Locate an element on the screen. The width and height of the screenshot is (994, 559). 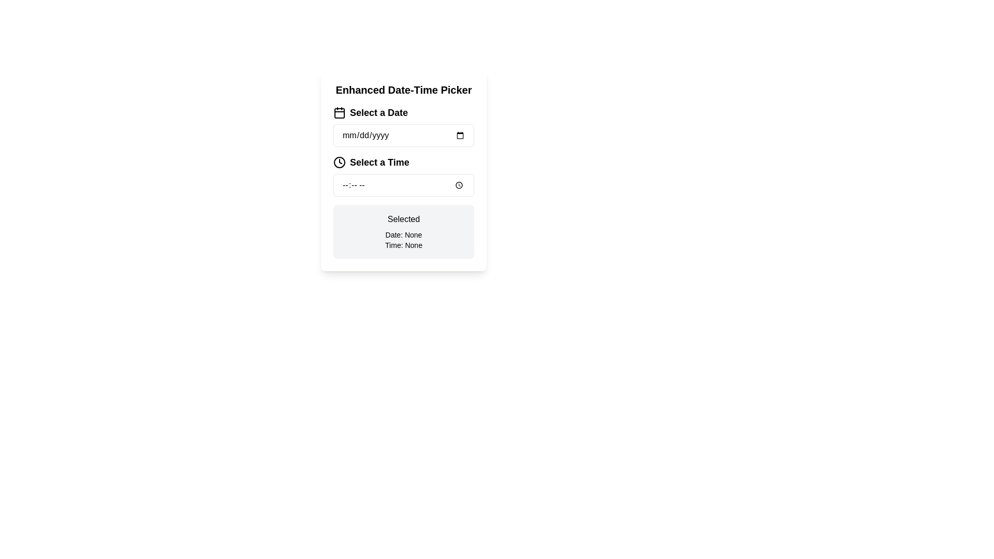
the clock icon located in the 'Select a Time' section, which is the first element in that row is located at coordinates (340, 162).